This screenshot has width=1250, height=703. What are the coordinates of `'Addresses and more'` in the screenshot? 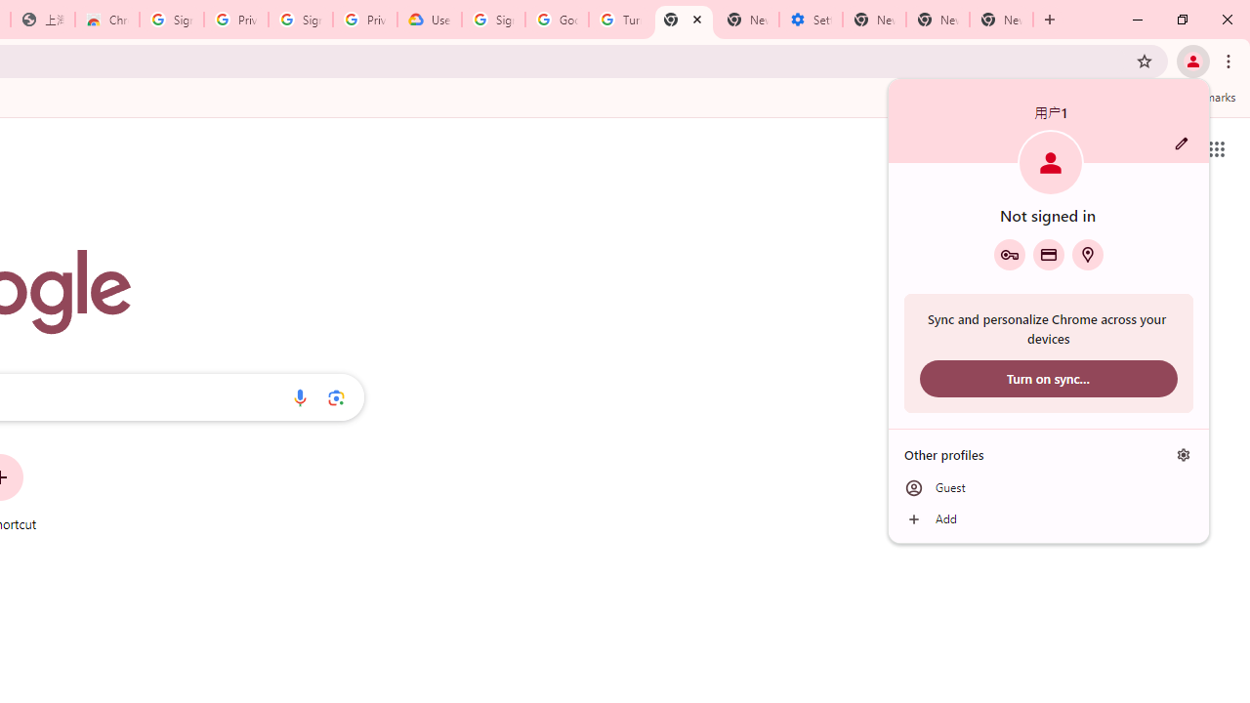 It's located at (1087, 254).